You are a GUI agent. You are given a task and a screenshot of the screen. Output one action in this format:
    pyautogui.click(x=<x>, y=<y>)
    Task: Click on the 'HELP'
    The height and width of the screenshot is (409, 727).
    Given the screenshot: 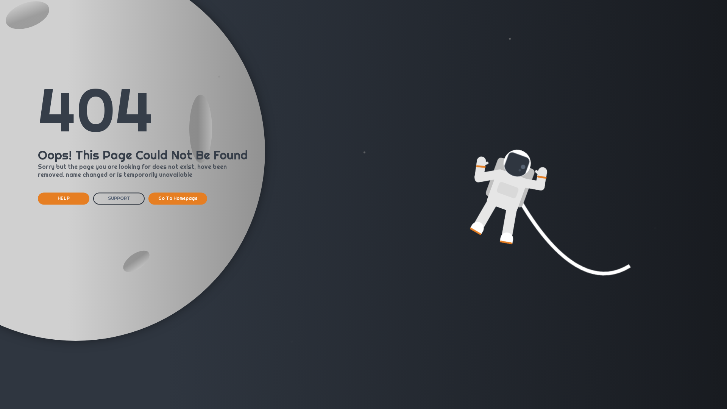 What is the action you would take?
    pyautogui.click(x=64, y=198)
    